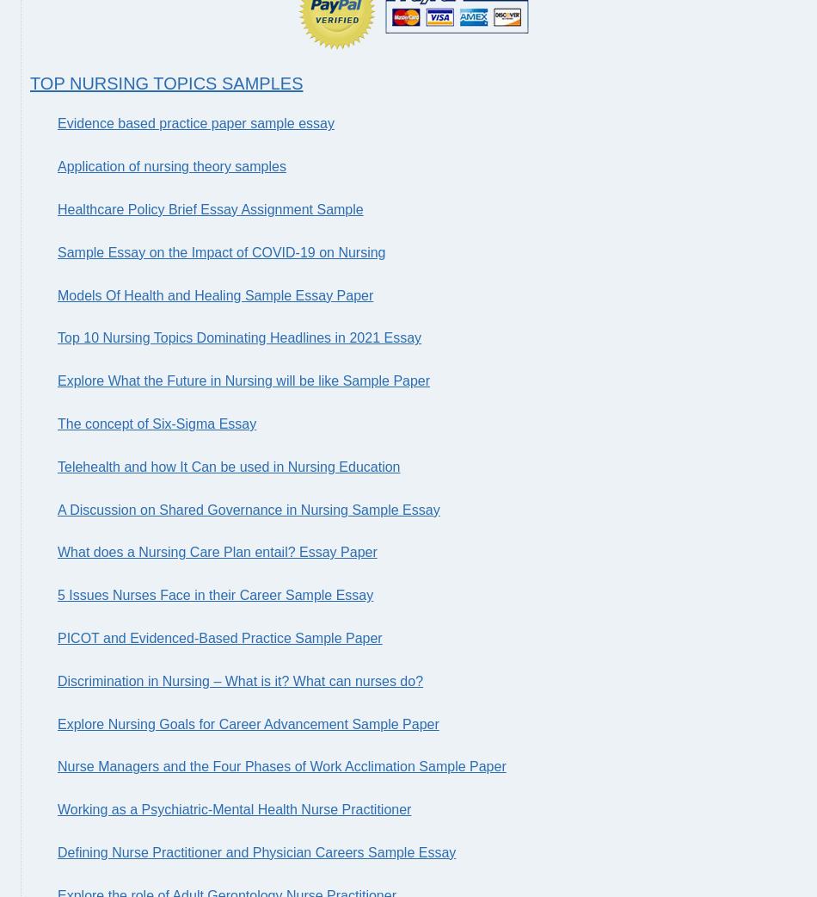  I want to click on 'Top 10 Nursing Topics Dominating Headlines in 2021 Essay', so click(238, 337).